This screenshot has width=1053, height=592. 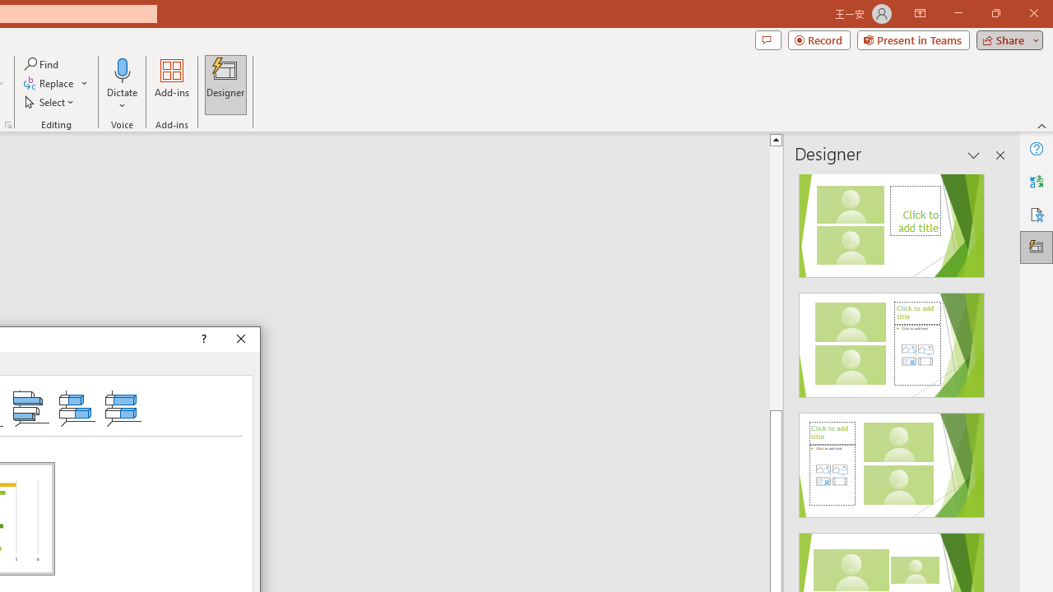 I want to click on '3-D Stacked Bar', so click(x=77, y=407).